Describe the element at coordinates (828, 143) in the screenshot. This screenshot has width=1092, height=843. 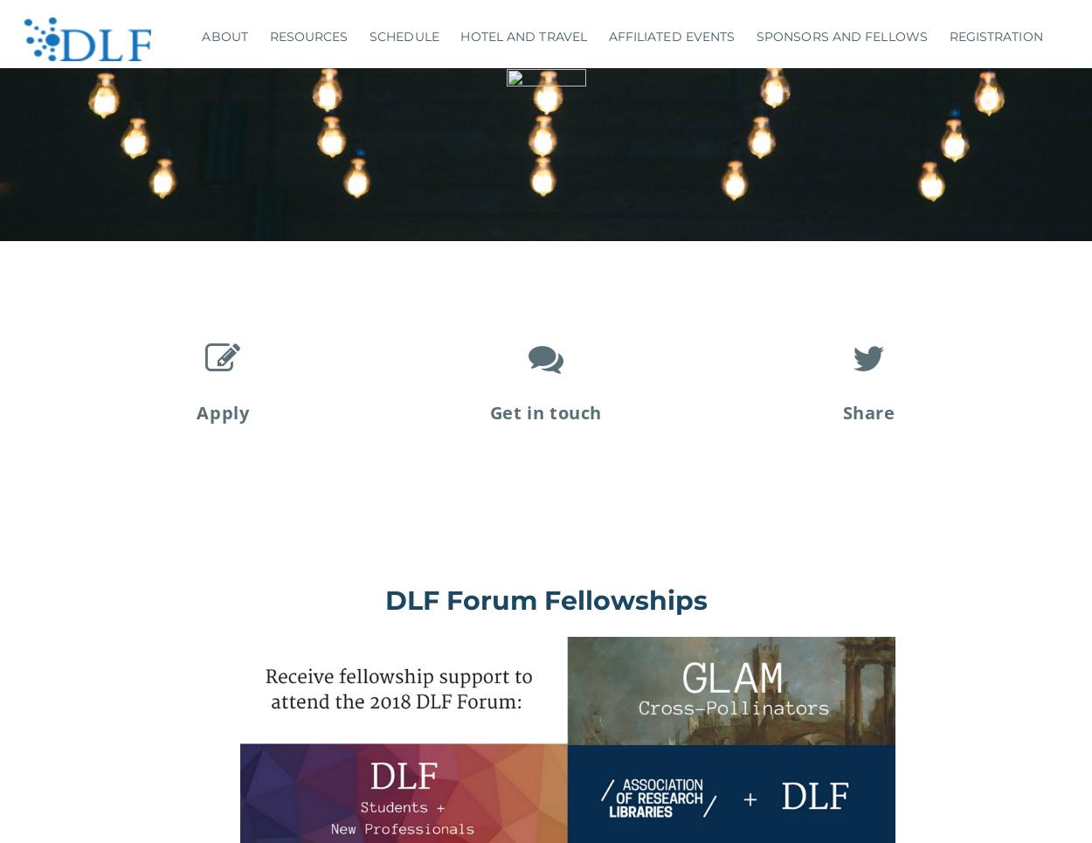
I see `'Exhibitors'` at that location.